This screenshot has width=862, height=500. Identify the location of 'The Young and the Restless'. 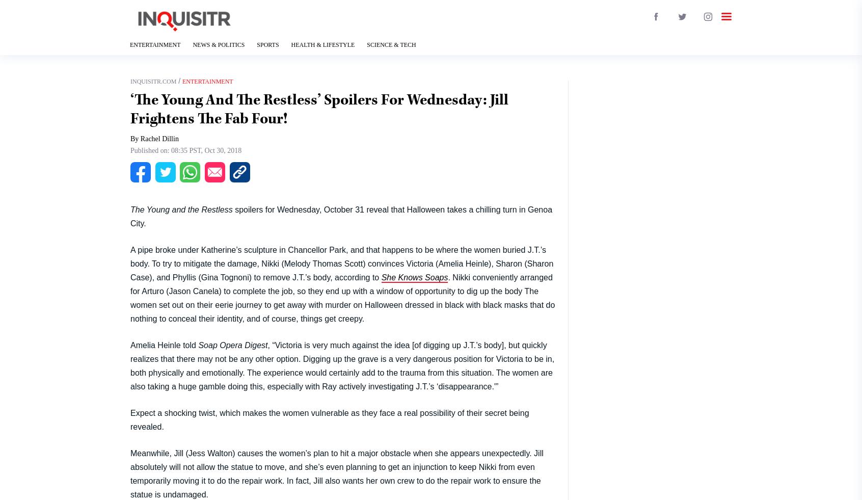
(181, 208).